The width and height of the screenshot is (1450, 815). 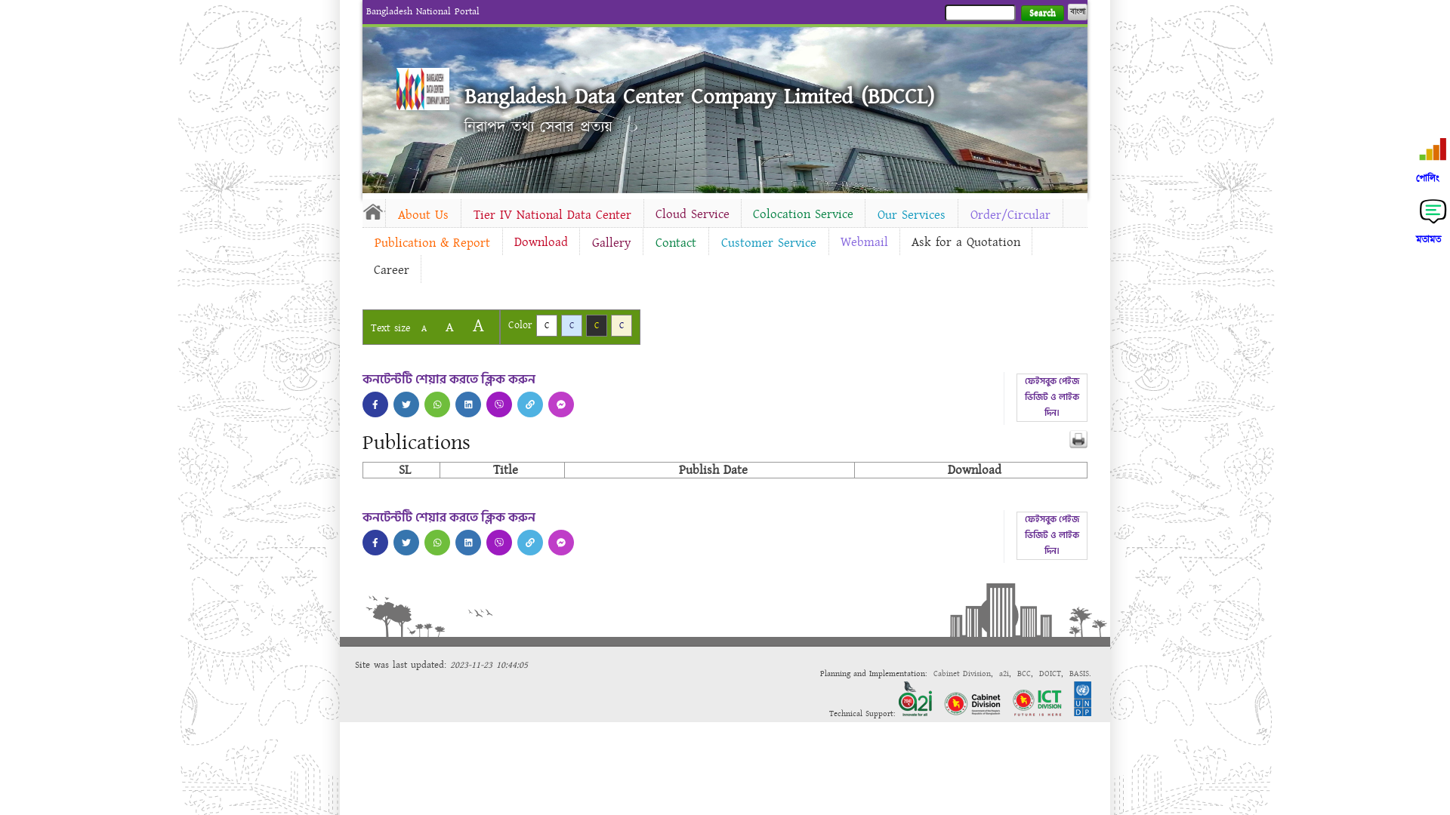 What do you see at coordinates (674, 241) in the screenshot?
I see `'Contact'` at bounding box center [674, 241].